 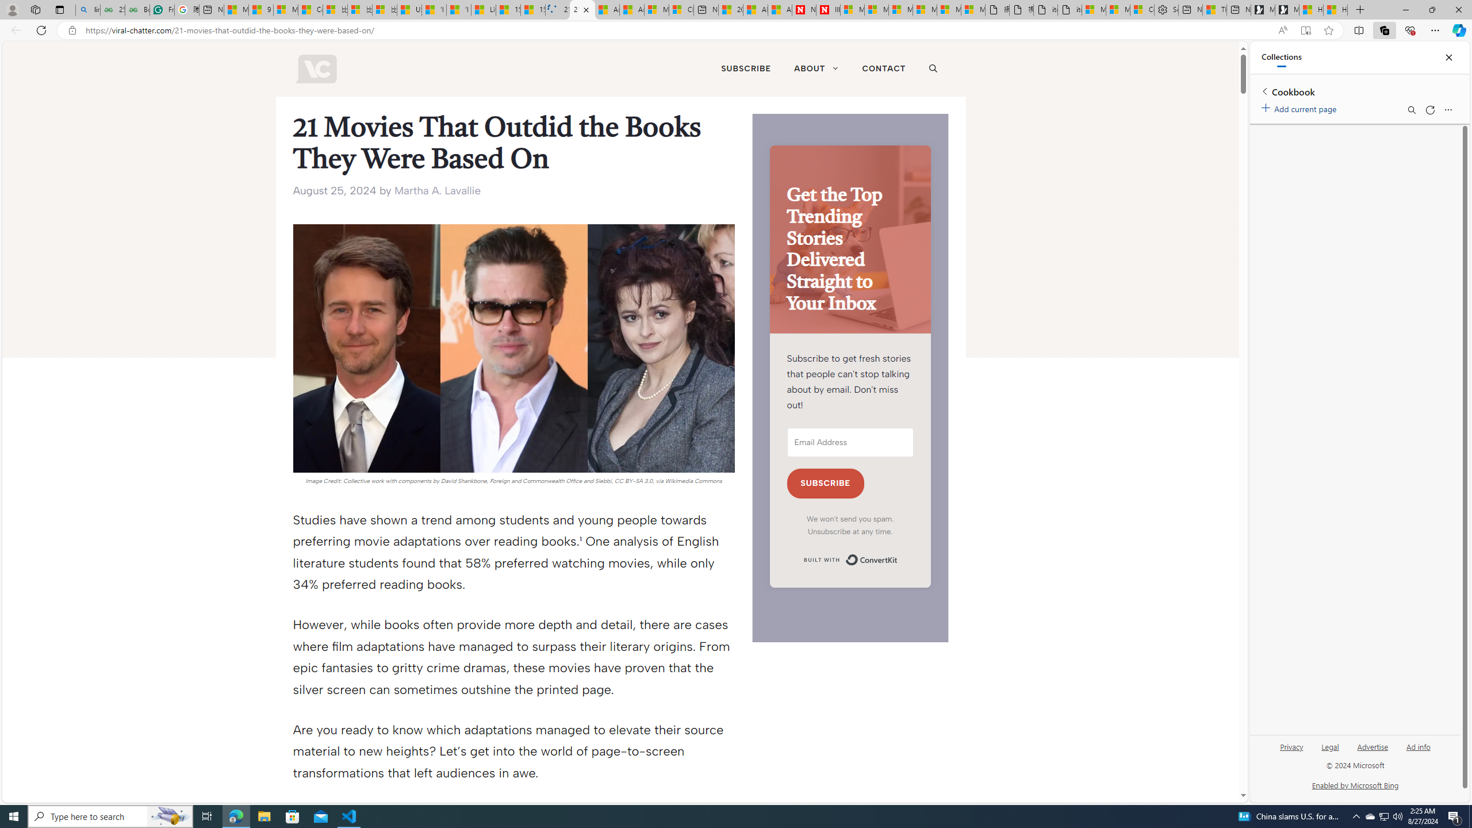 What do you see at coordinates (532, 9) in the screenshot?
I see `'15 Ways Modern Life Contradicts the Teachings of Jesus'` at bounding box center [532, 9].